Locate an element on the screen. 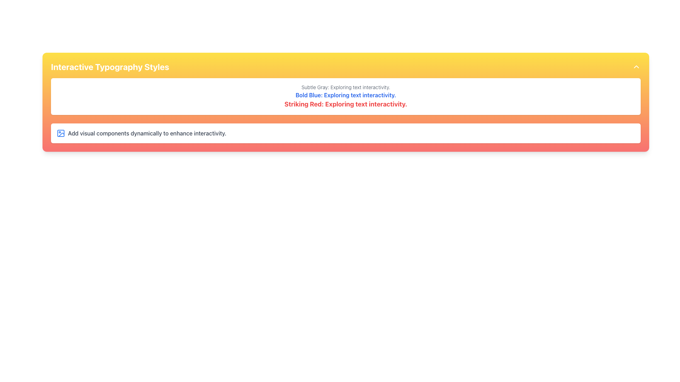 Image resolution: width=680 pixels, height=382 pixels. the static text element that states 'Subtle Gray: Exploring text interactivity.' which is the first item in a list of three textual elements is located at coordinates (346, 87).